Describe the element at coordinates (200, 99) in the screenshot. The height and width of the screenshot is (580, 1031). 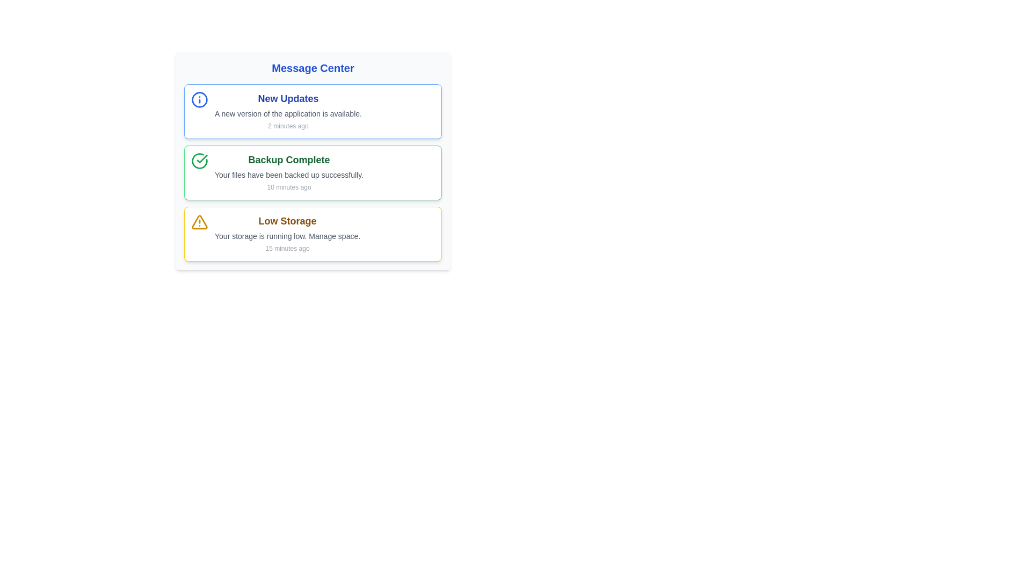
I see `the circular graphical element within the information icon located on the left side of the 'New Updates' notification card in the Message Center` at that location.